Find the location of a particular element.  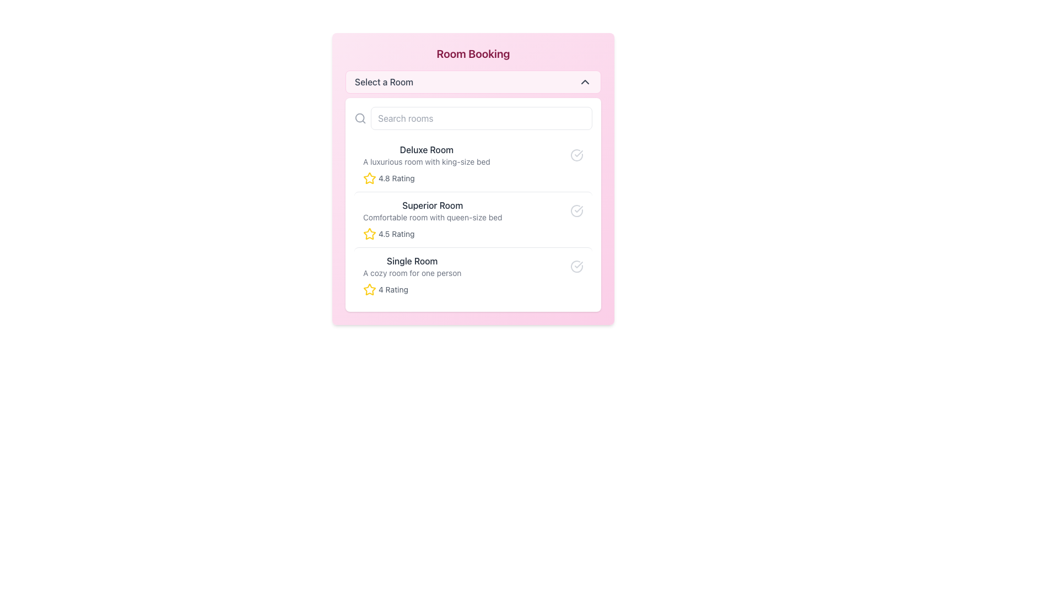

the text label displaying 'Select a Room', which is located in the pink header section of the 'Room Booking' card is located at coordinates (384, 82).